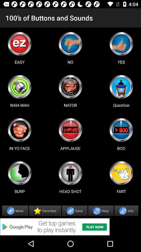  Describe the element at coordinates (70, 130) in the screenshot. I see `applause button` at that location.